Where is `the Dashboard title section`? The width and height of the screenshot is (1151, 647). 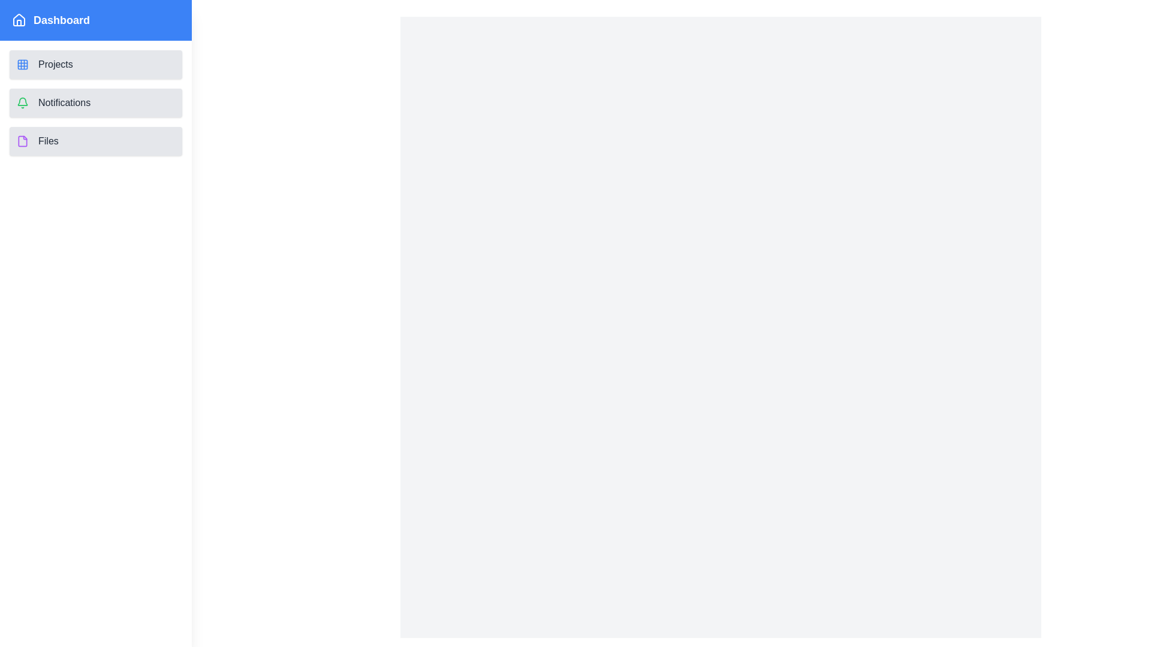
the Dashboard title section is located at coordinates (95, 20).